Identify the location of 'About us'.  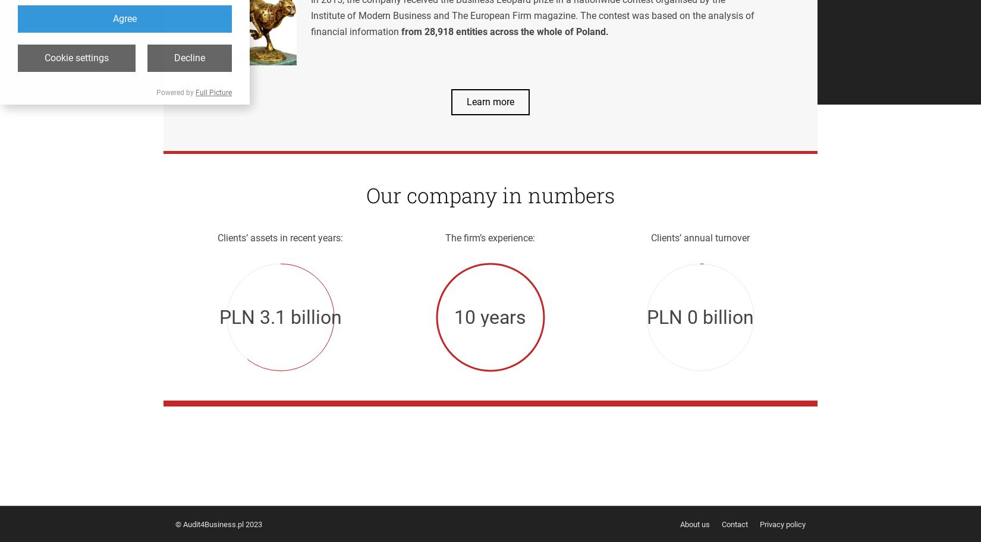
(695, 523).